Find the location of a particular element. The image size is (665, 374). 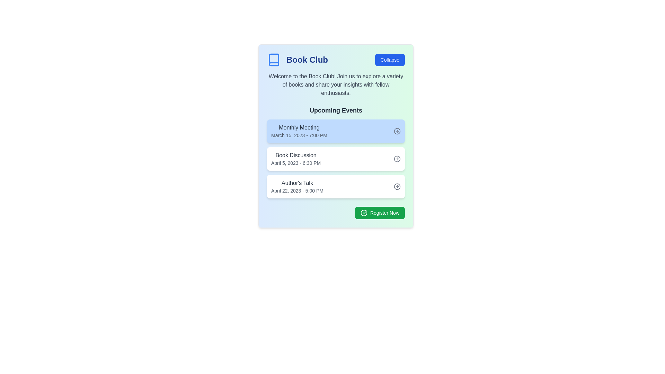

the circular icon with a hollow circle and right-pointing arrow located at the top-right corner of the 'Author's Talk' event card is located at coordinates (397, 186).